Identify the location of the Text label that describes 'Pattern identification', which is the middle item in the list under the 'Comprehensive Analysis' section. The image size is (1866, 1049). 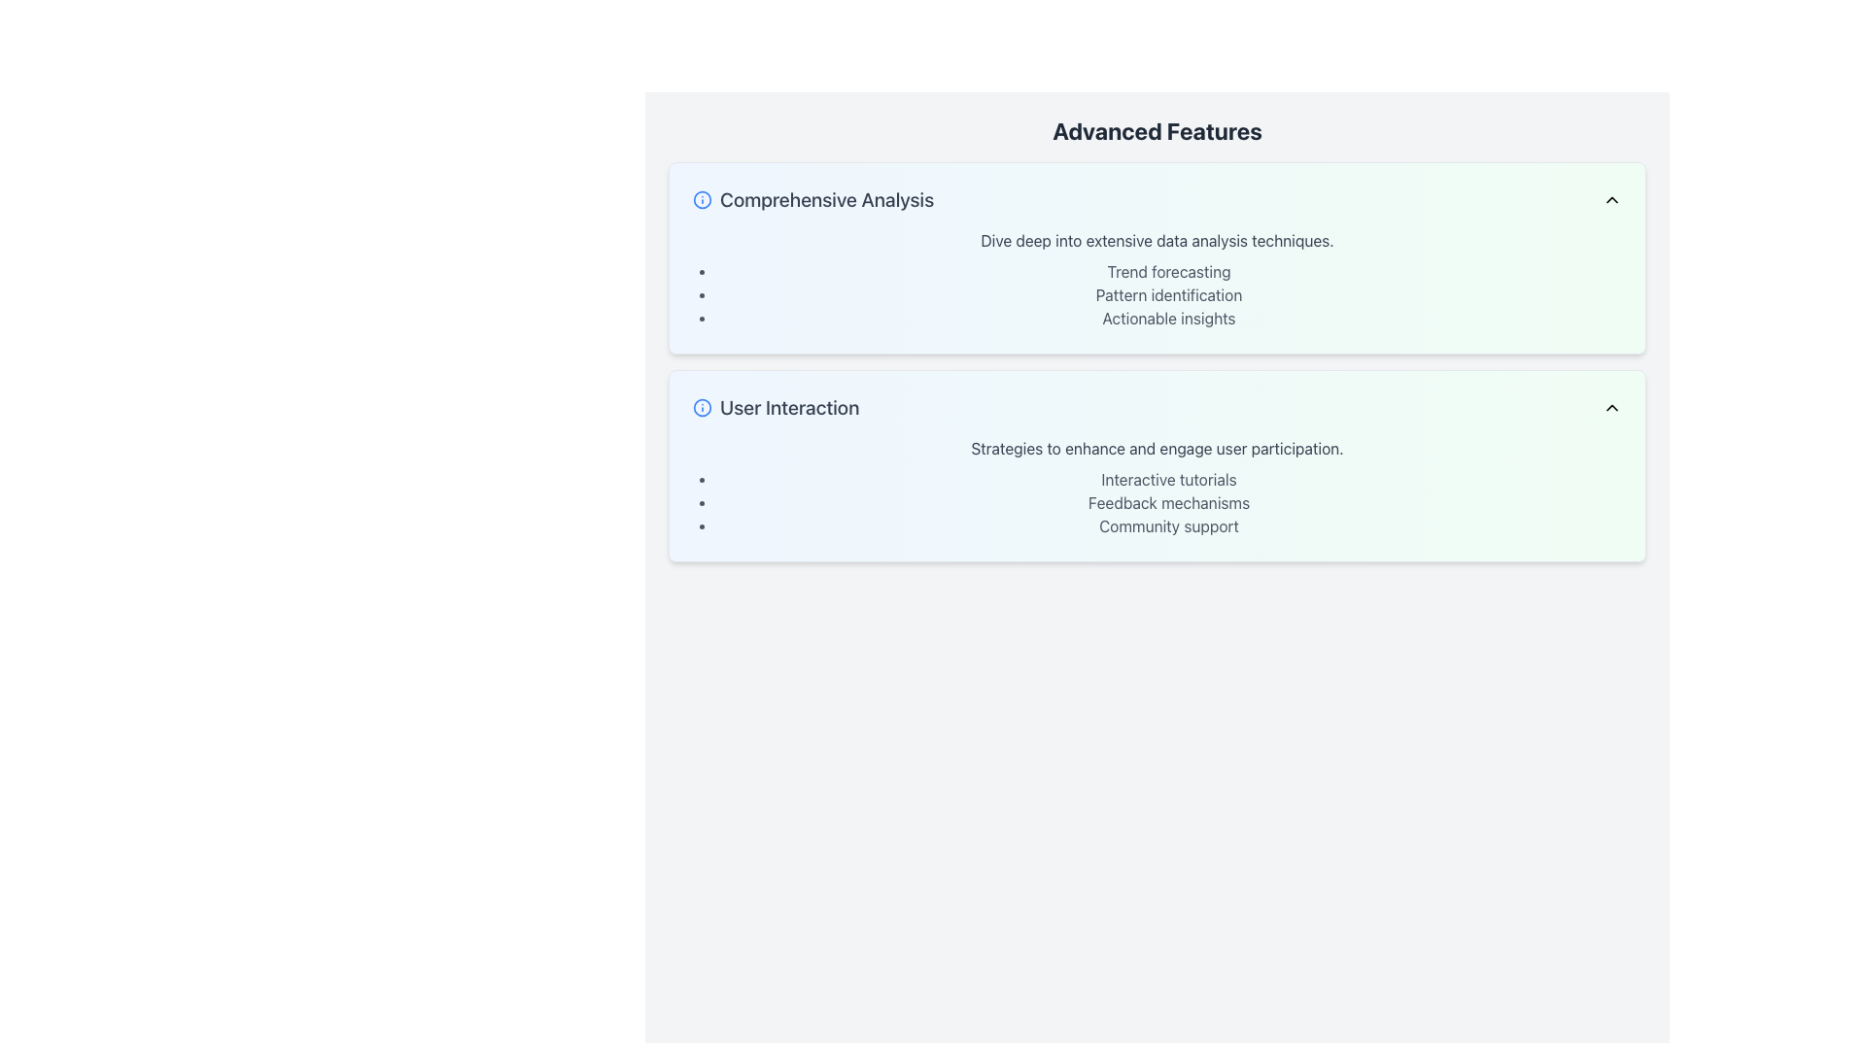
(1168, 295).